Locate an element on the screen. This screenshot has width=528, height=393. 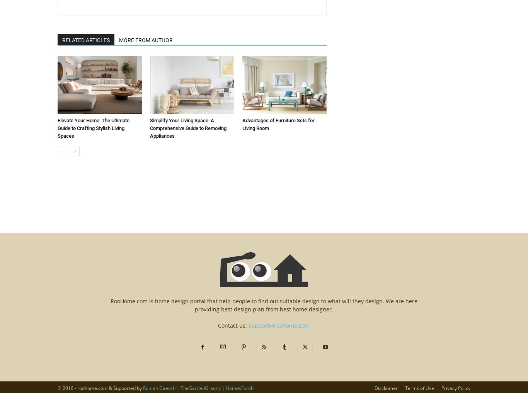
'HomesFornh' is located at coordinates (239, 388).